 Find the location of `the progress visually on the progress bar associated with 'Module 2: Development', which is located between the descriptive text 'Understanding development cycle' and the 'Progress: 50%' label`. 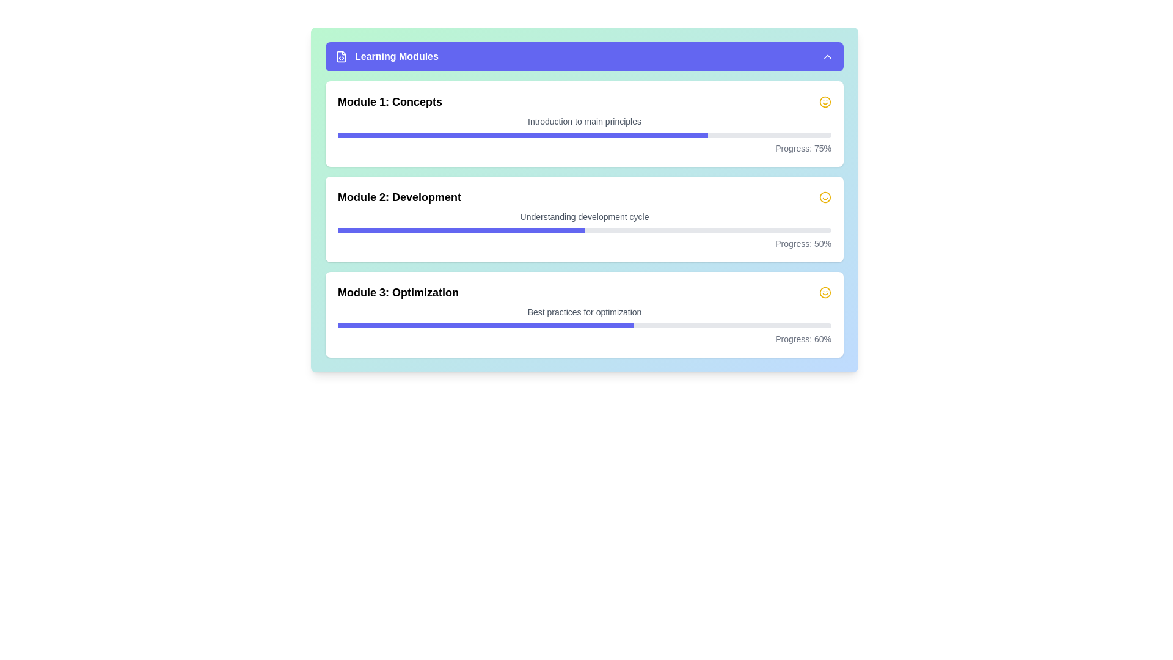

the progress visually on the progress bar associated with 'Module 2: Development', which is located between the descriptive text 'Understanding development cycle' and the 'Progress: 50%' label is located at coordinates (583, 230).